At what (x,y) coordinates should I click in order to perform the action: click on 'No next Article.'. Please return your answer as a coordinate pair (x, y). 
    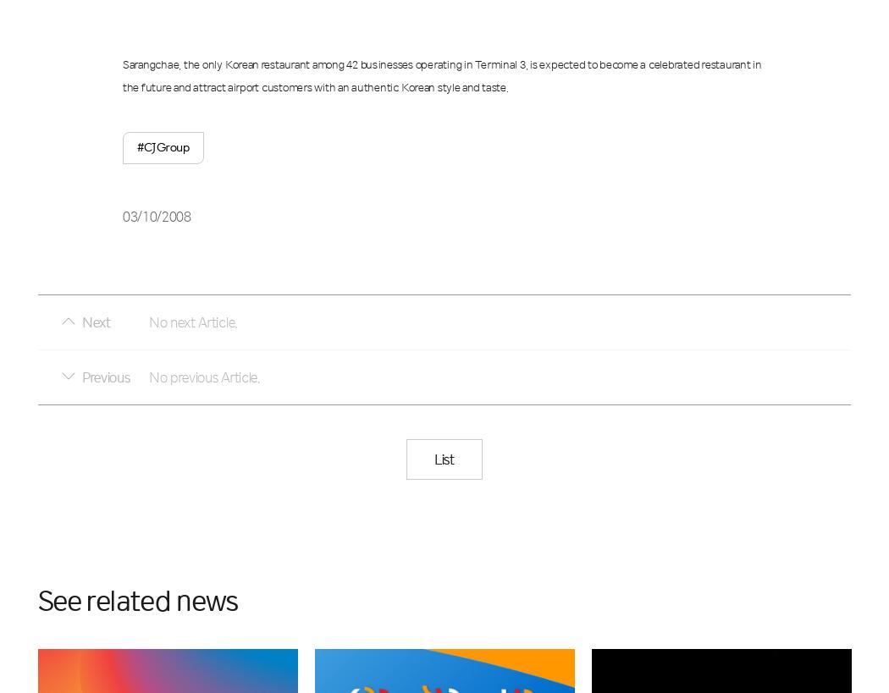
    Looking at the image, I should click on (192, 321).